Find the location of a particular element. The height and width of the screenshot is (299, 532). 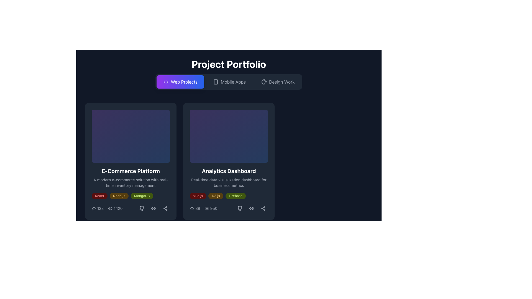

the 'Web Projects' button, which displays the text in bold, white font within a gradient purple-to-blue rounded rectangle is located at coordinates (184, 82).